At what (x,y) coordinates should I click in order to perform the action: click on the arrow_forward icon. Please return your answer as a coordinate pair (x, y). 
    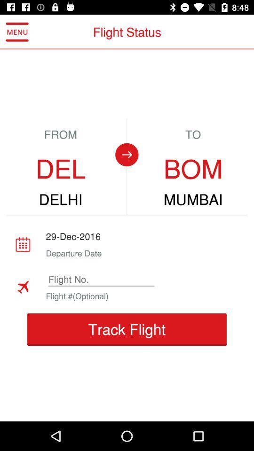
    Looking at the image, I should click on (127, 155).